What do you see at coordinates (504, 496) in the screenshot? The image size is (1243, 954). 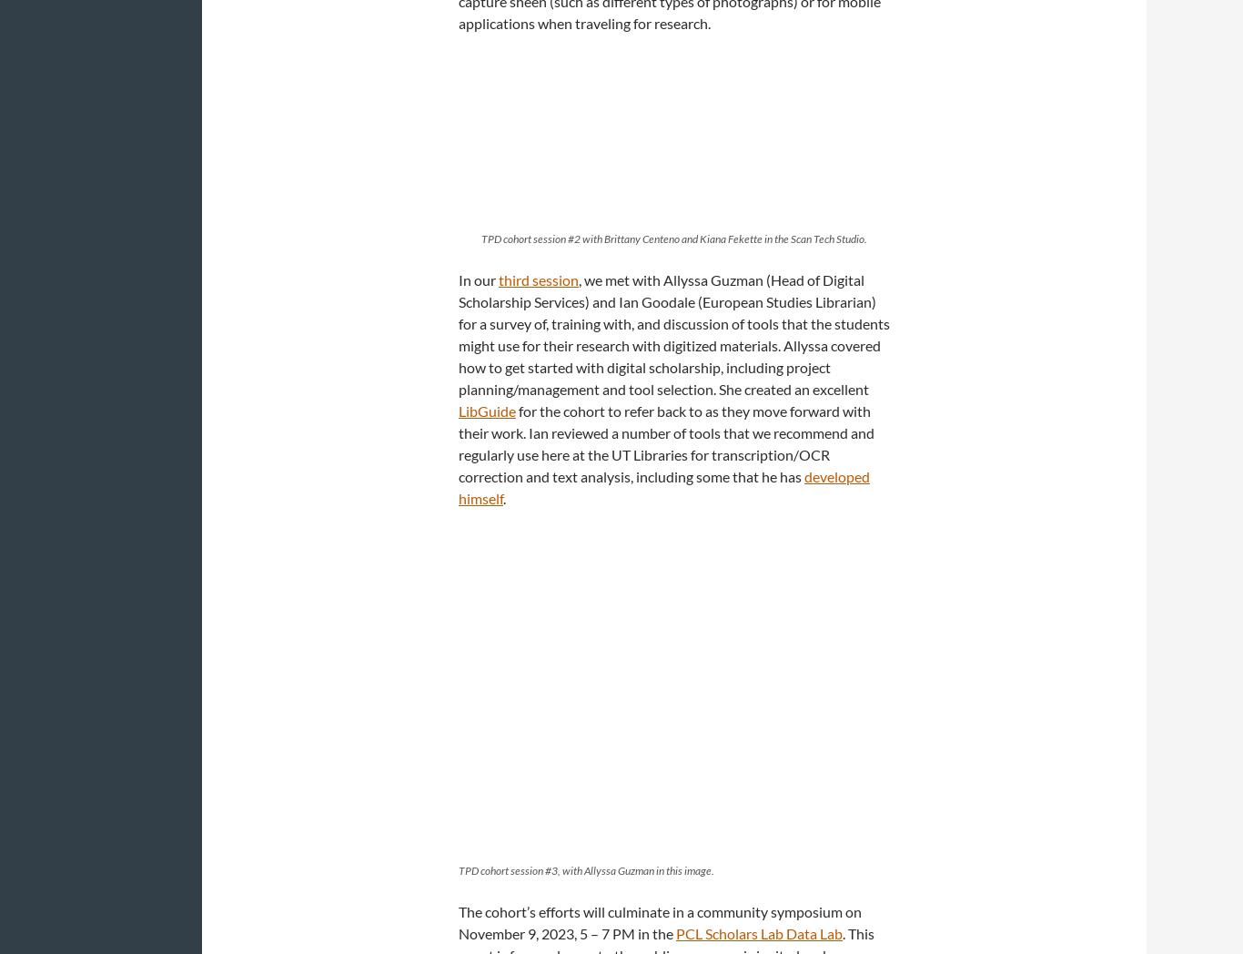 I see `'.'` at bounding box center [504, 496].